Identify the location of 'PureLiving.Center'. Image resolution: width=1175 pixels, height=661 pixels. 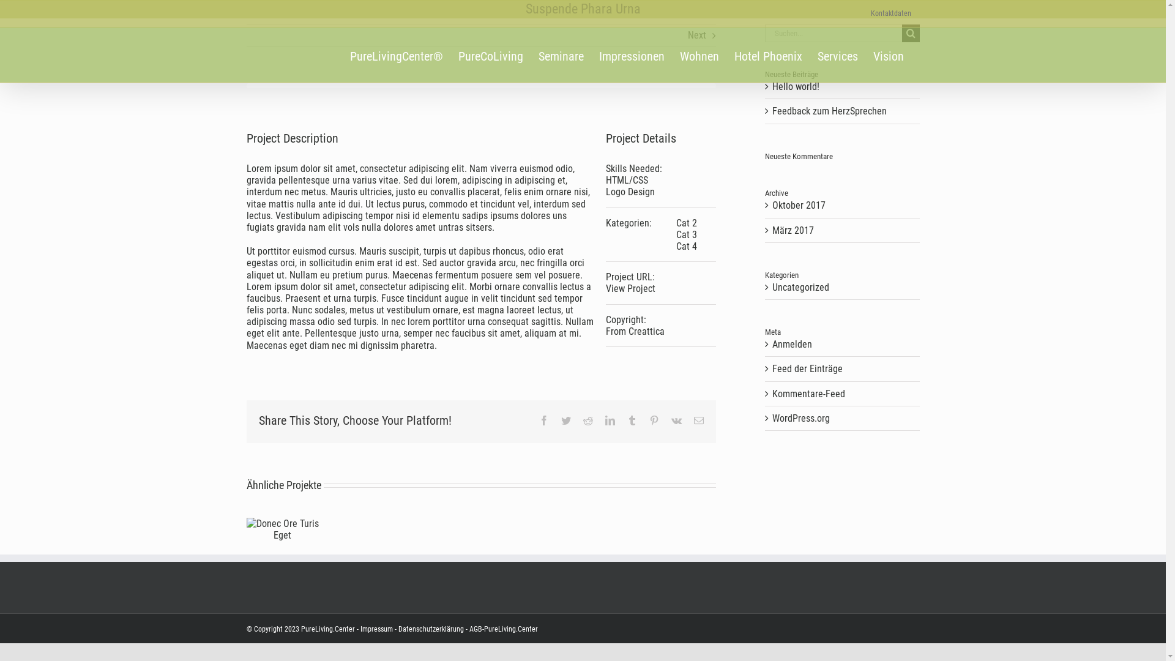
(328, 629).